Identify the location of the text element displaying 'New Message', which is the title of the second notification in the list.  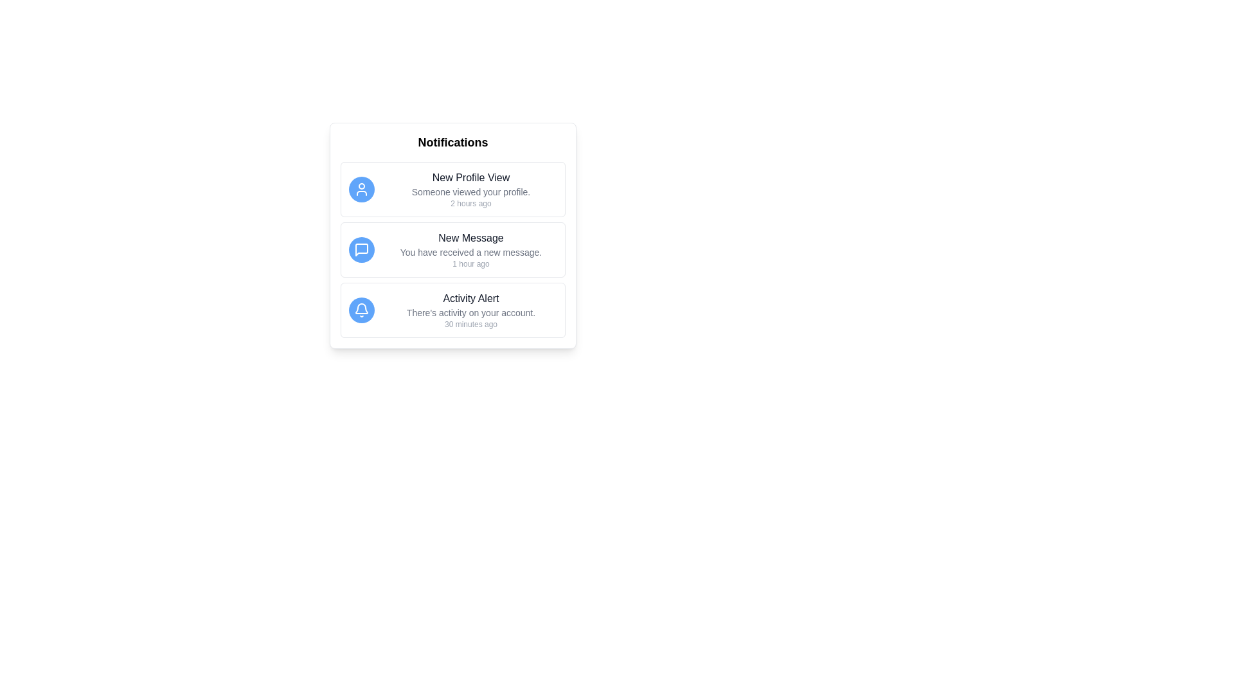
(470, 238).